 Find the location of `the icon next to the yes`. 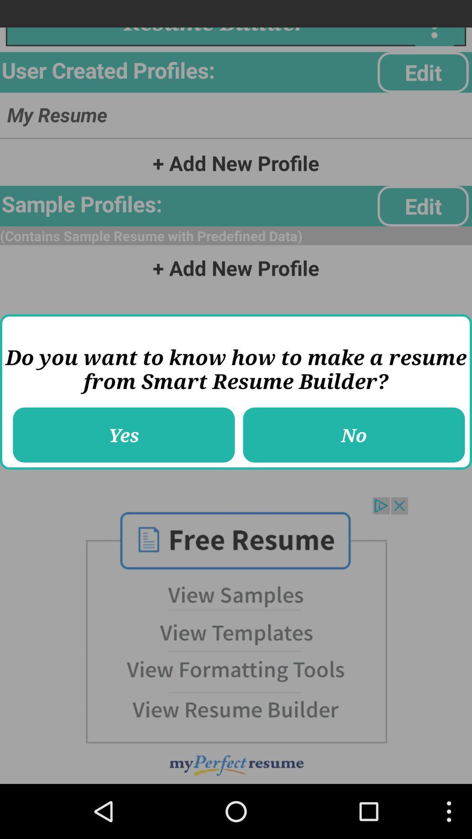

the icon next to the yes is located at coordinates (354, 435).